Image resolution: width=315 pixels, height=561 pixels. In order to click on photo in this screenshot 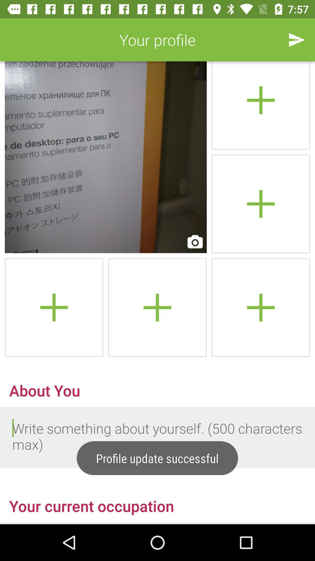, I will do `click(54, 307)`.